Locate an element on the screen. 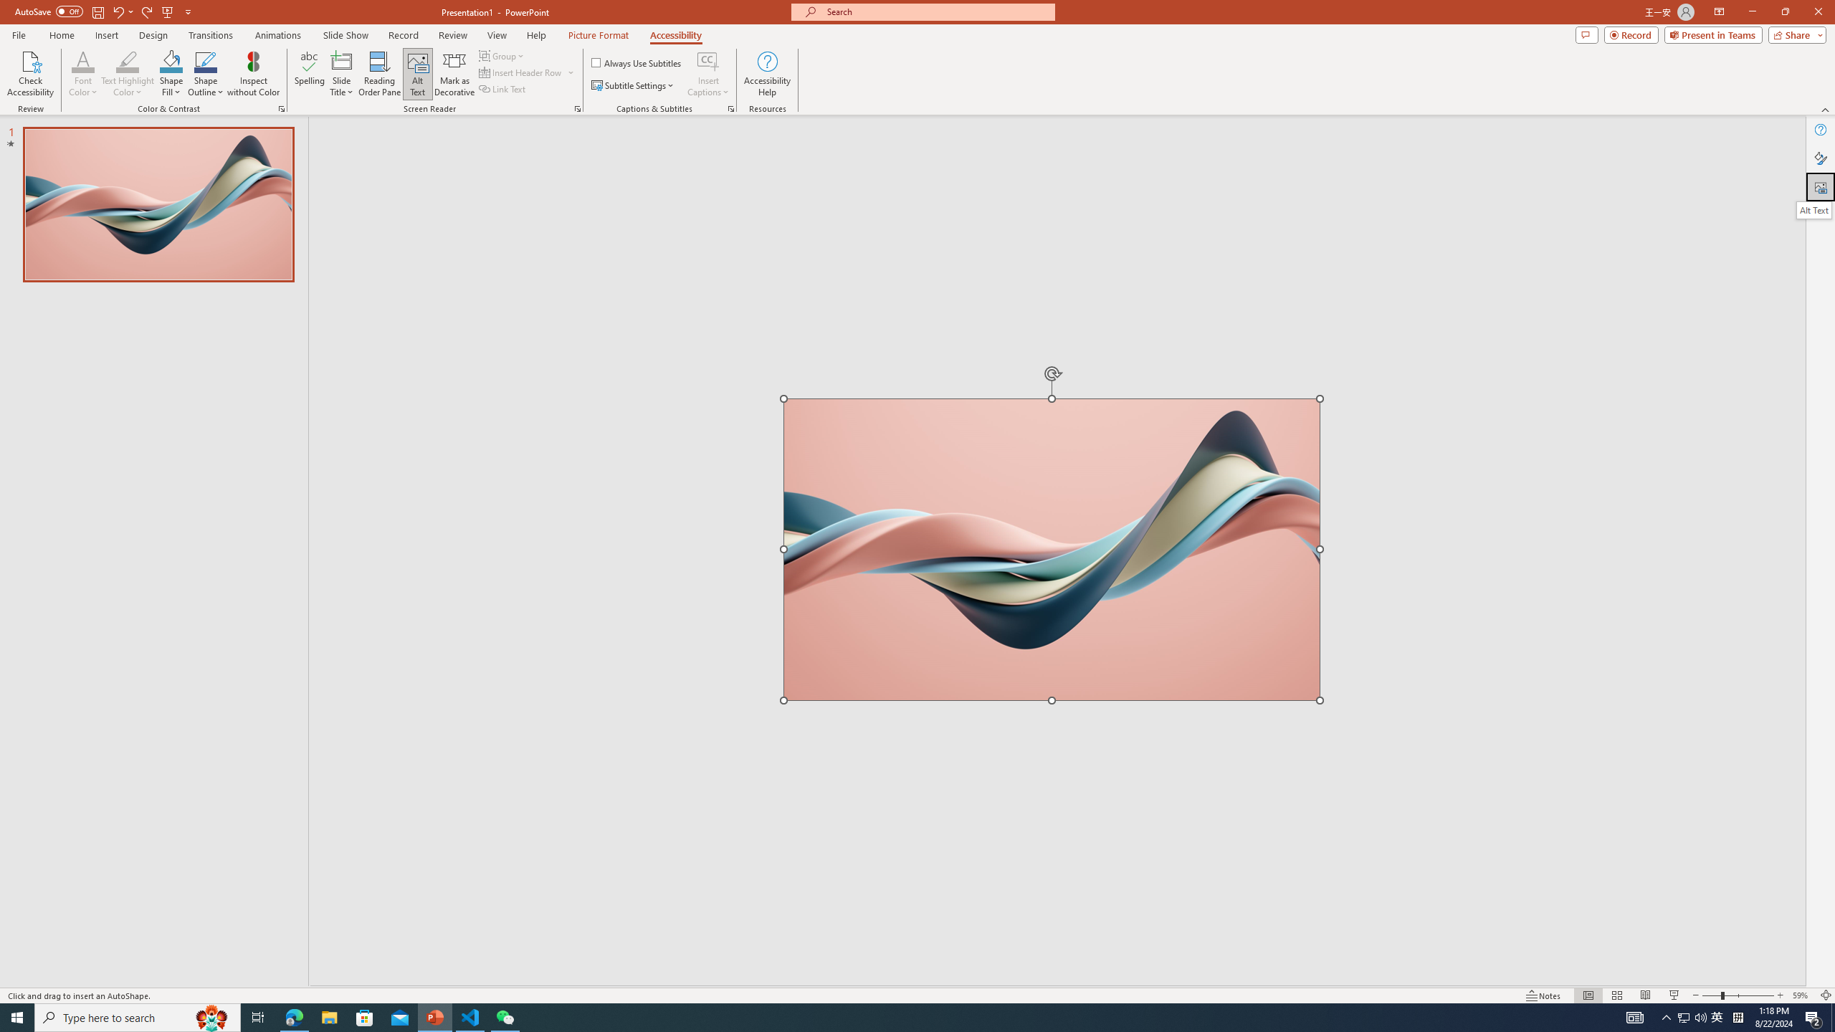 This screenshot has height=1032, width=1835. 'Reading Order Pane' is located at coordinates (380, 74).